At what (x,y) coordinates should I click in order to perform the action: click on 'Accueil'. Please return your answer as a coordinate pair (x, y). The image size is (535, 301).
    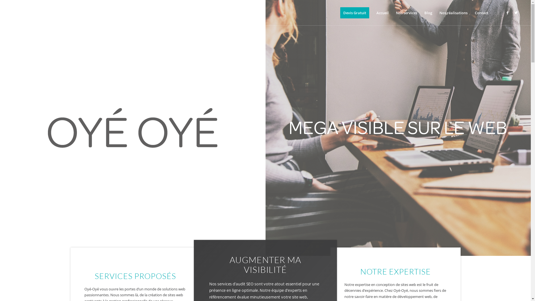
    Looking at the image, I should click on (382, 13).